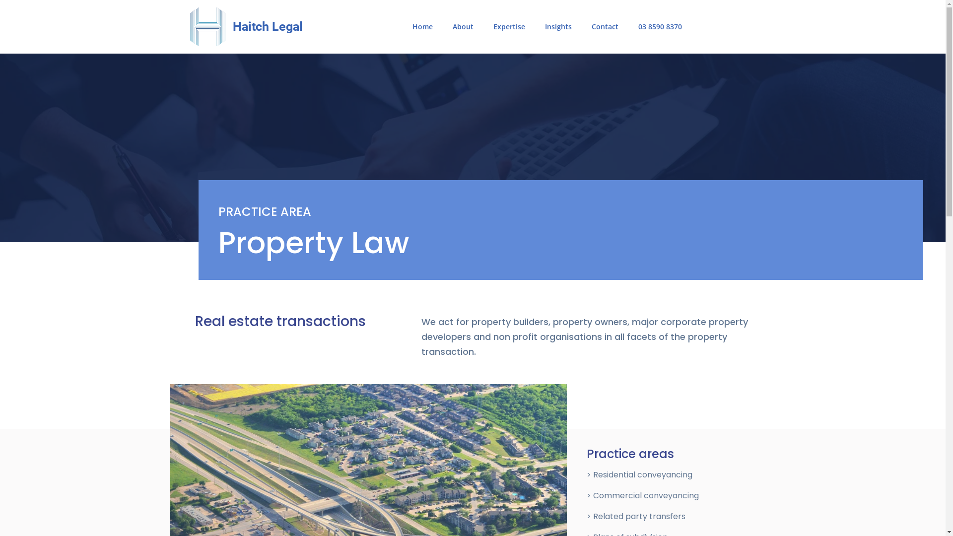  I want to click on 'Insights', so click(558, 26).